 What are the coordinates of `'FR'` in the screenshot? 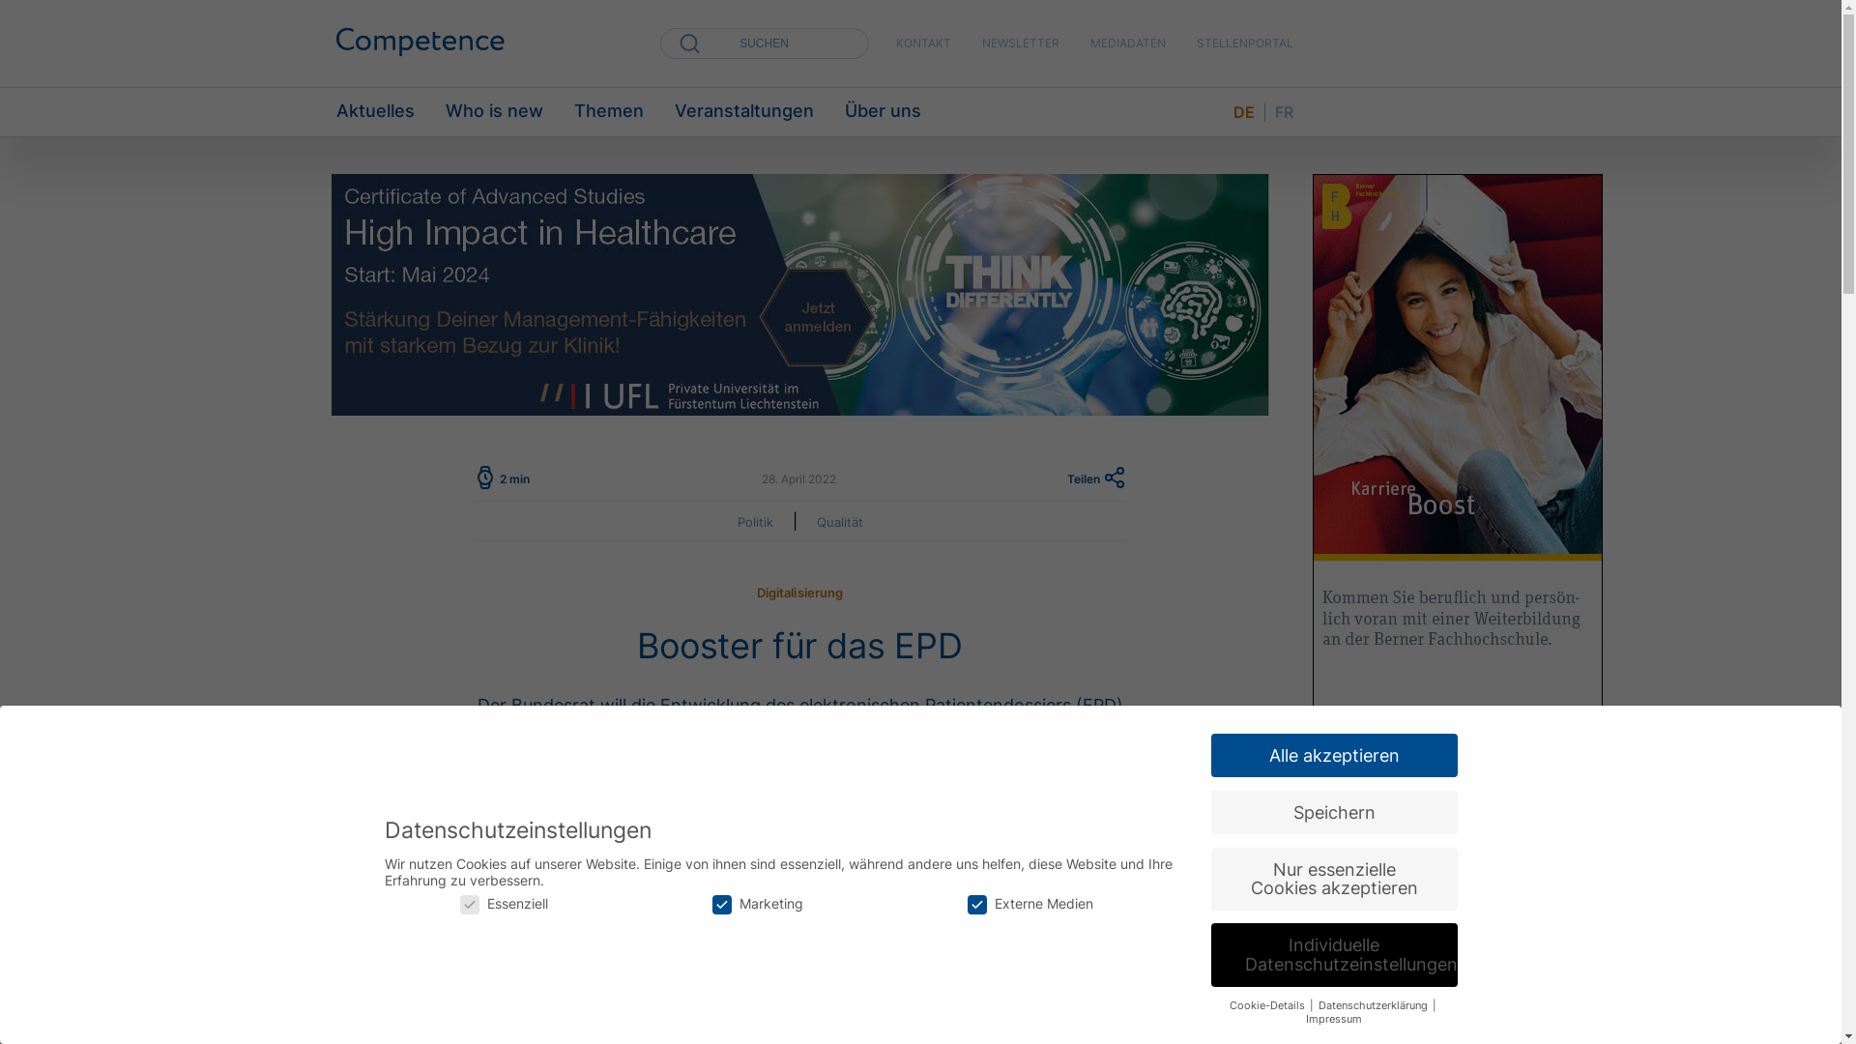 It's located at (1283, 111).